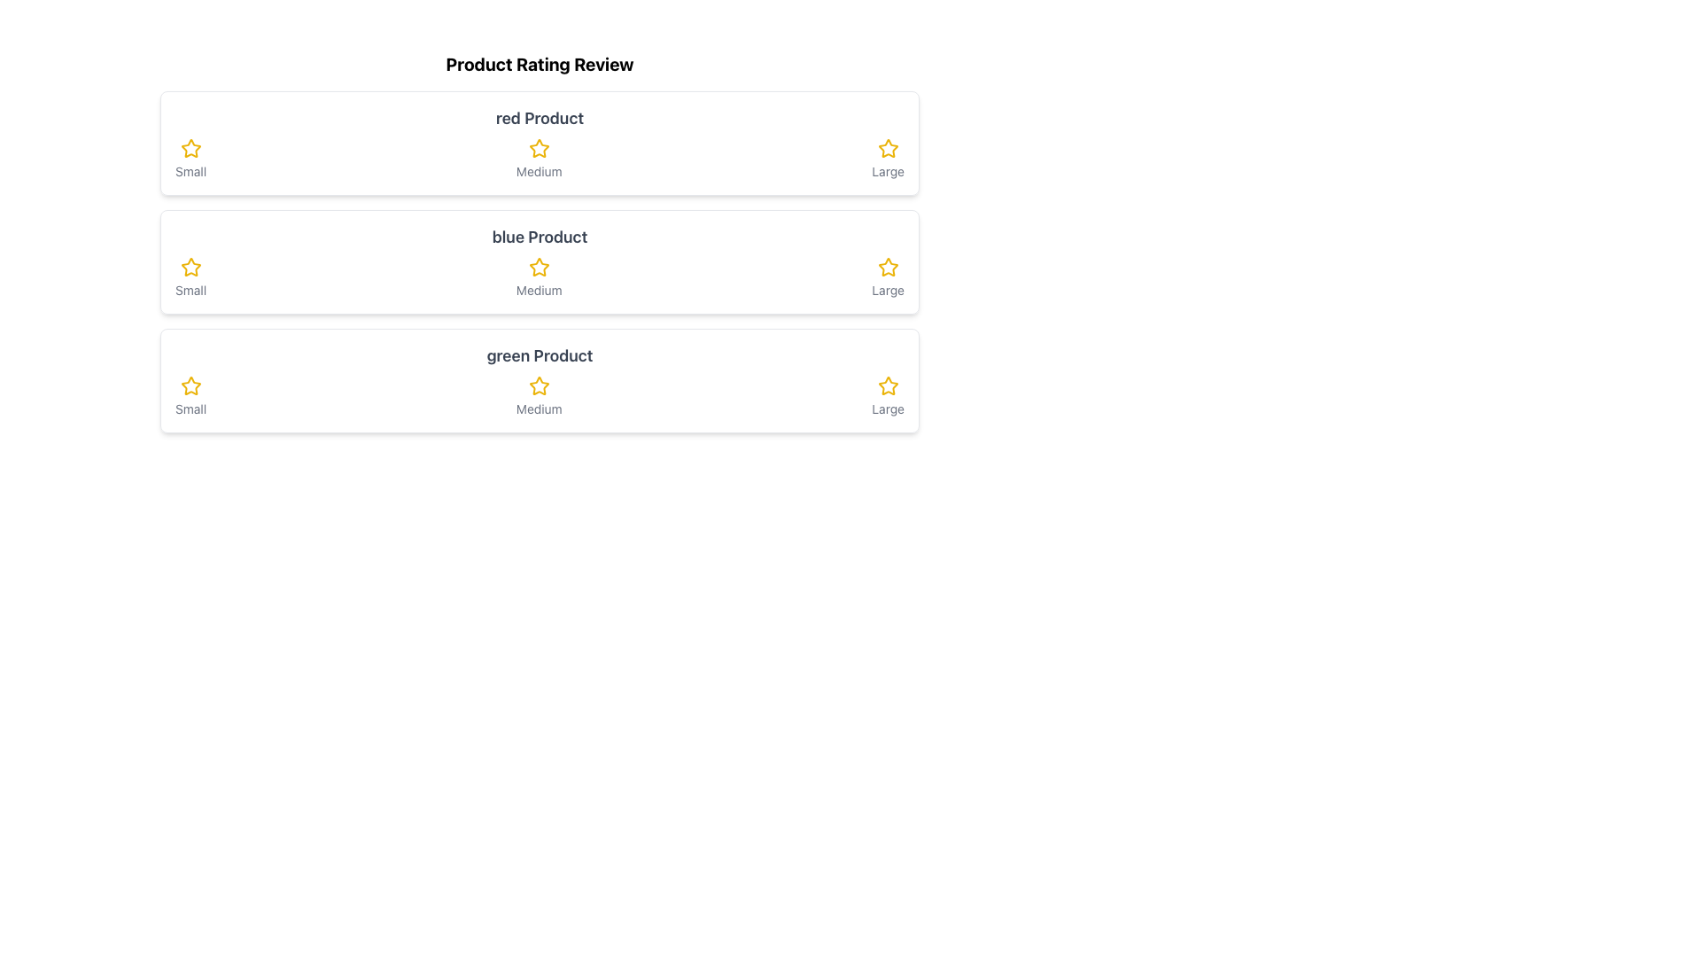  What do you see at coordinates (538, 148) in the screenshot?
I see `the medium rating star icon for the 'red Product', which is the second star in the rating row and visually indicates a medium rating option` at bounding box center [538, 148].